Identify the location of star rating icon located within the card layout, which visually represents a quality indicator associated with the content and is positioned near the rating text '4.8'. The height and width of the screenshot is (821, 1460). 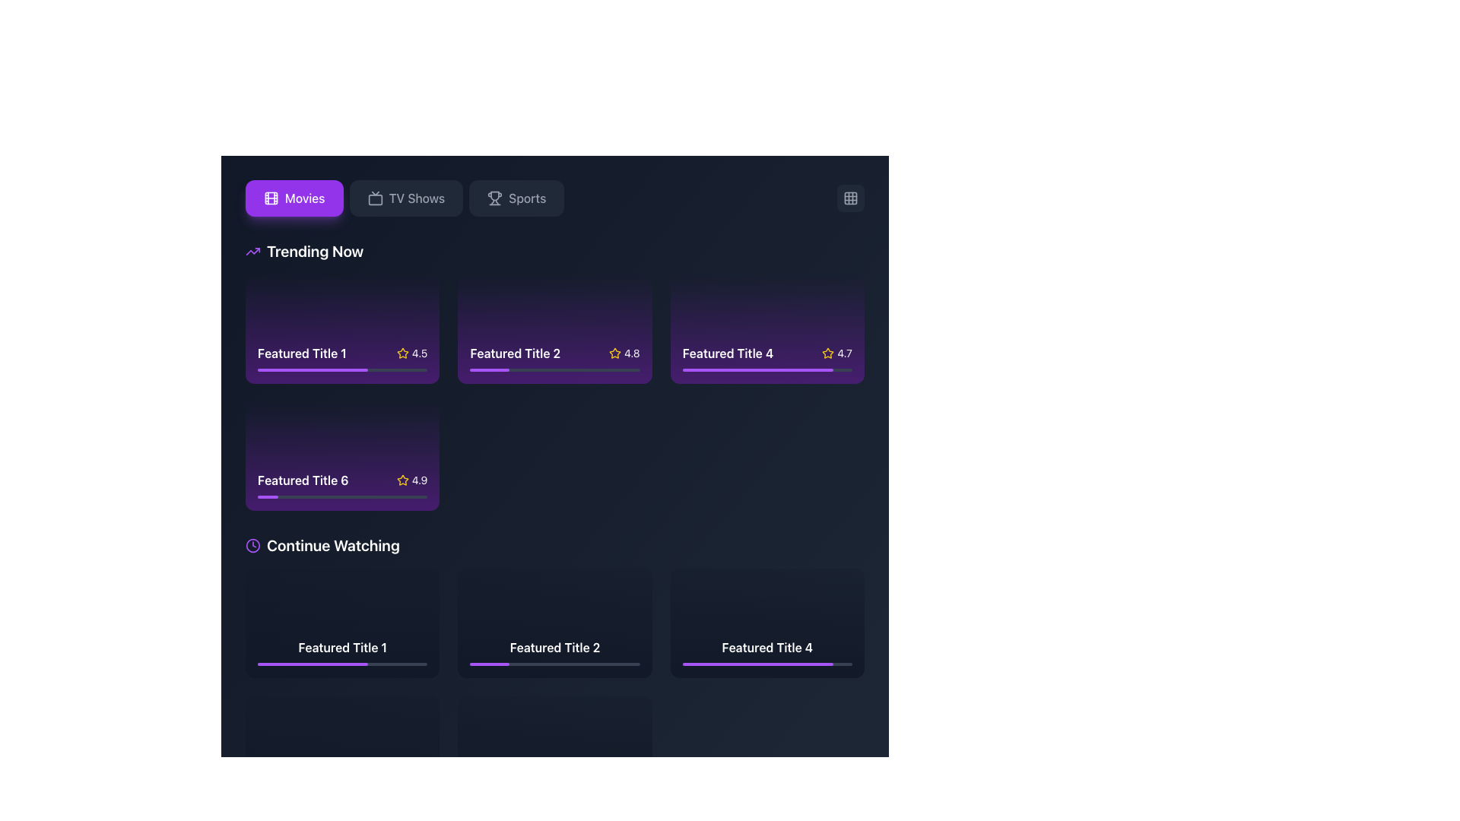
(614, 353).